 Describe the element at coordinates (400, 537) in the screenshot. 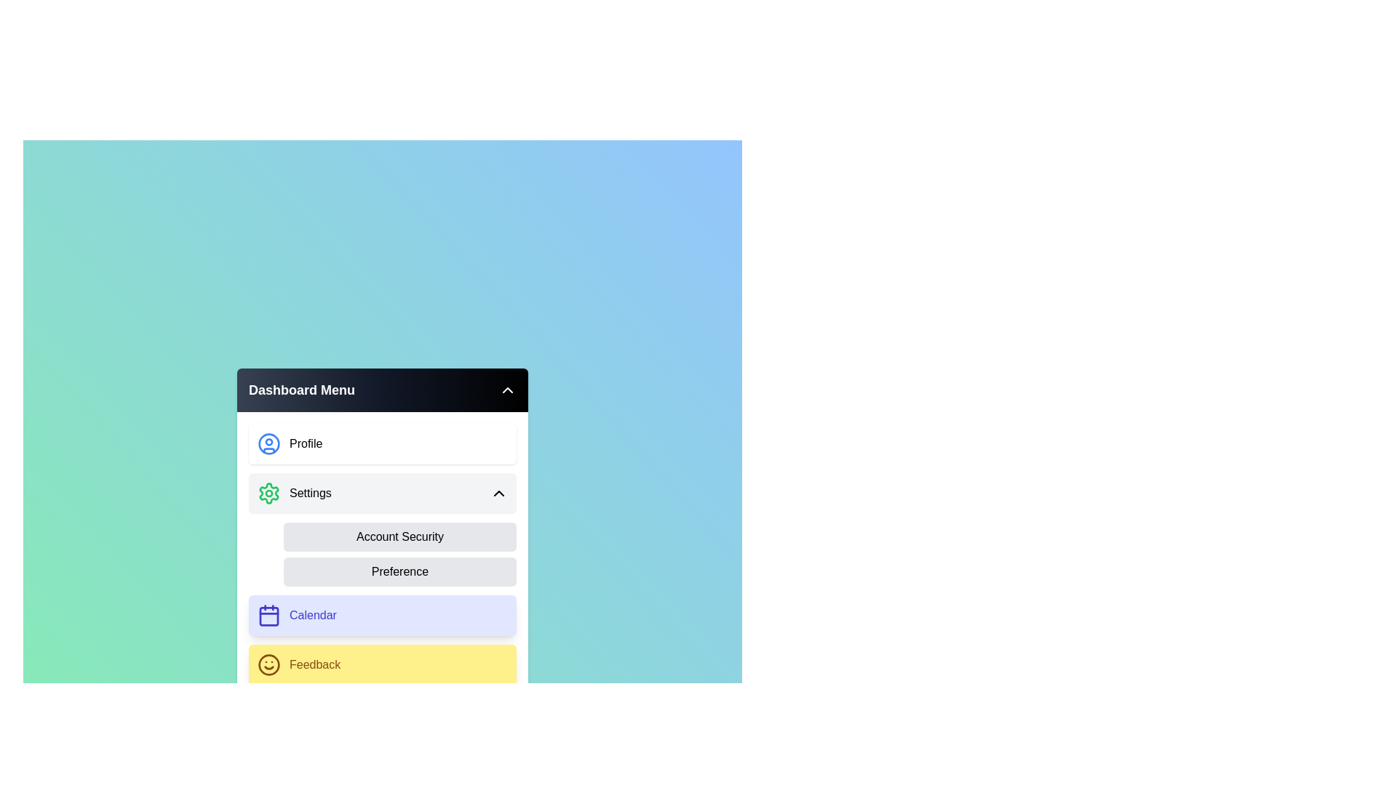

I see `the 'Account Security' button, which is a rectangular button with a gray background and black text, located in the 'Settings' section of the dashboard menu` at that location.